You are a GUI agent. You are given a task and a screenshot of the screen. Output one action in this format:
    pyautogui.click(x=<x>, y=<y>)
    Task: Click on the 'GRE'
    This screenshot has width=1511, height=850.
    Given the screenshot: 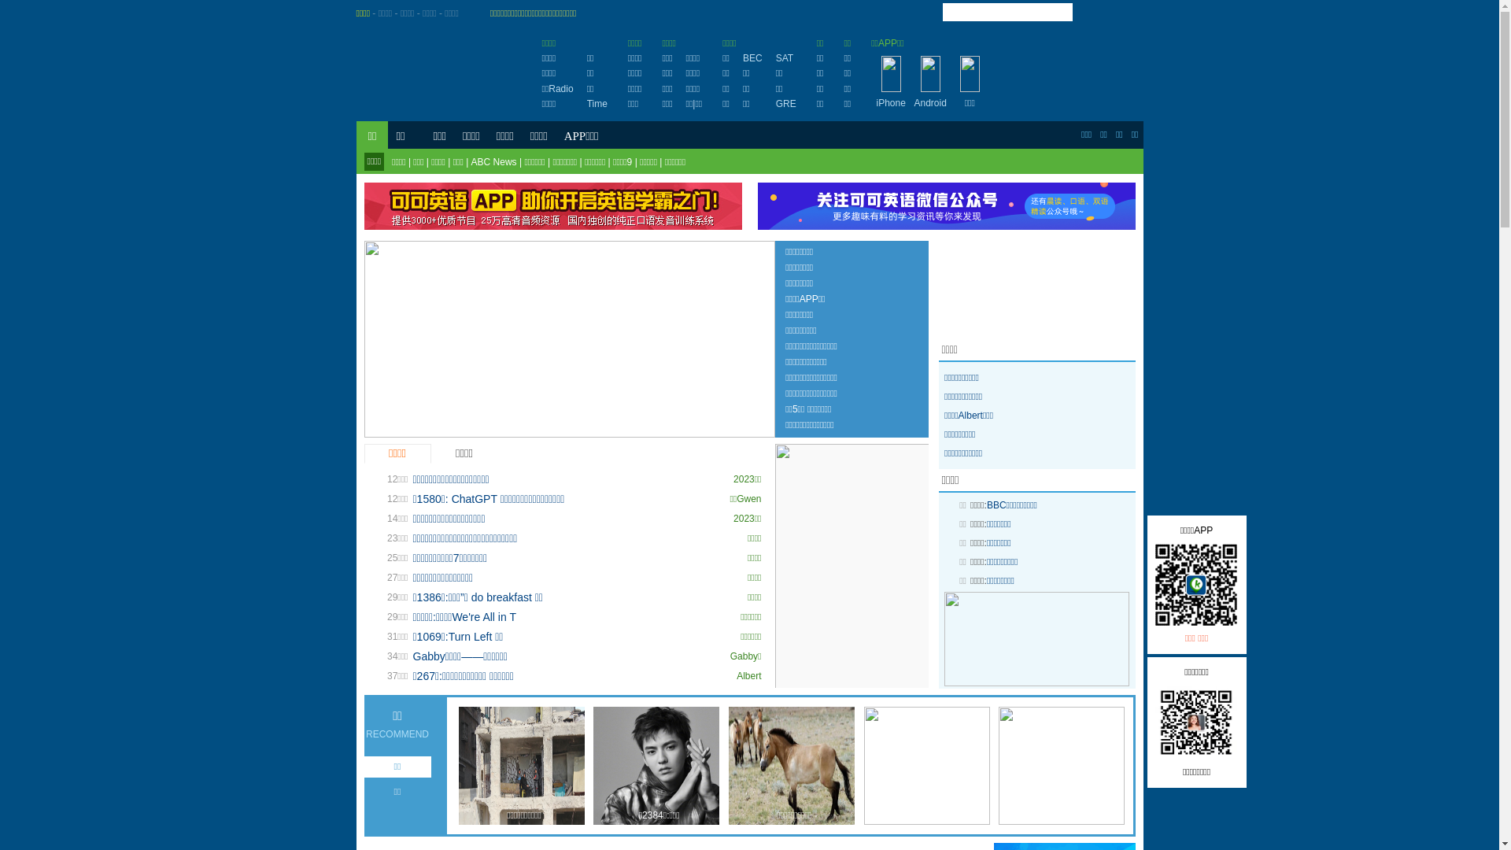 What is the action you would take?
    pyautogui.click(x=775, y=103)
    